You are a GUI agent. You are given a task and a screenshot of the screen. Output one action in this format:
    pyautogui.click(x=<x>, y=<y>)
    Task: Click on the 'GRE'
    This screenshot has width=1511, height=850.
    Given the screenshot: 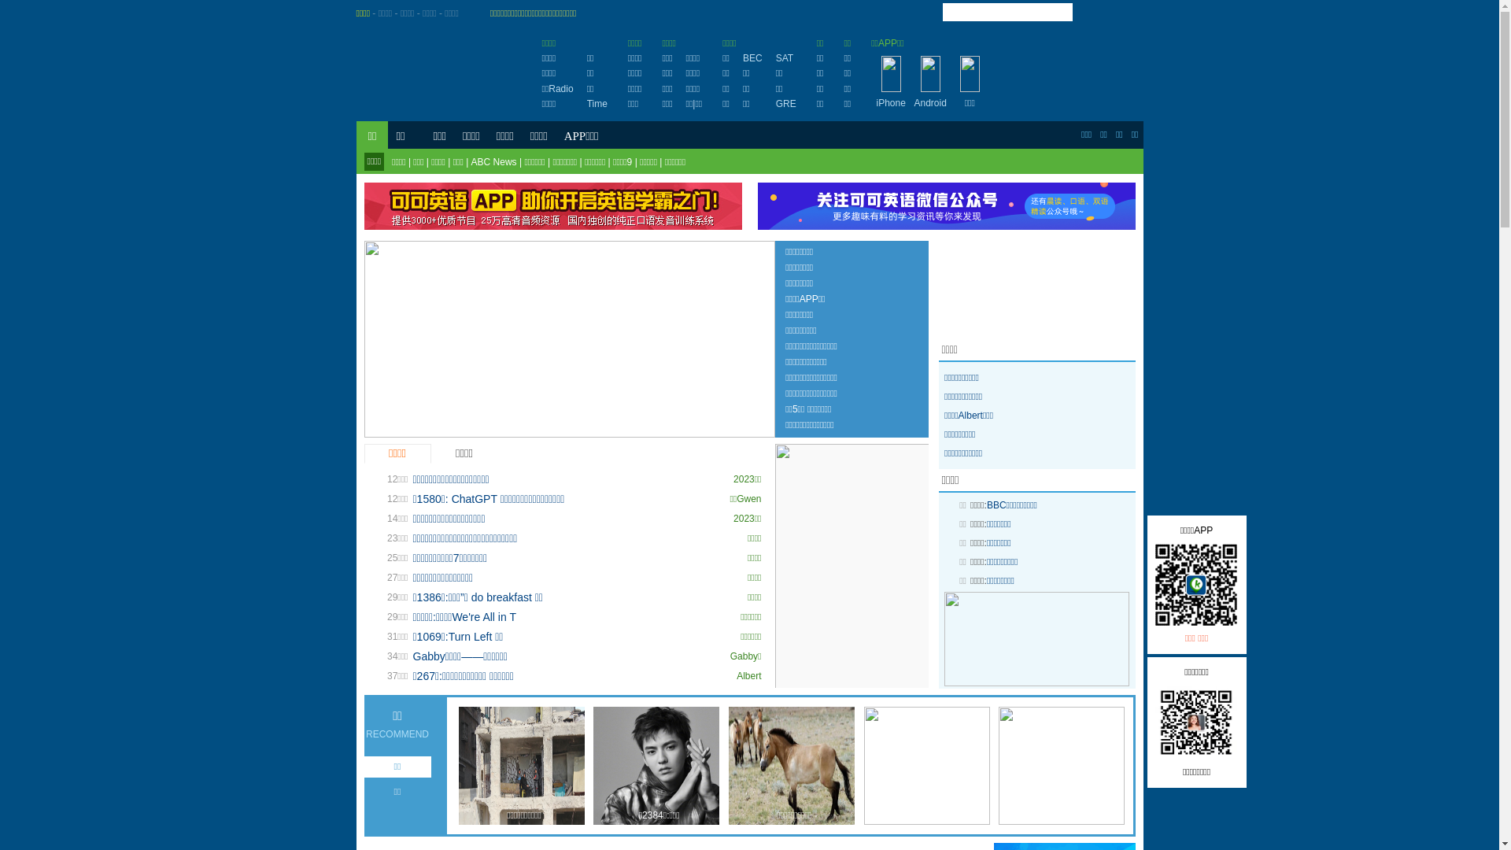 What is the action you would take?
    pyautogui.click(x=775, y=103)
    